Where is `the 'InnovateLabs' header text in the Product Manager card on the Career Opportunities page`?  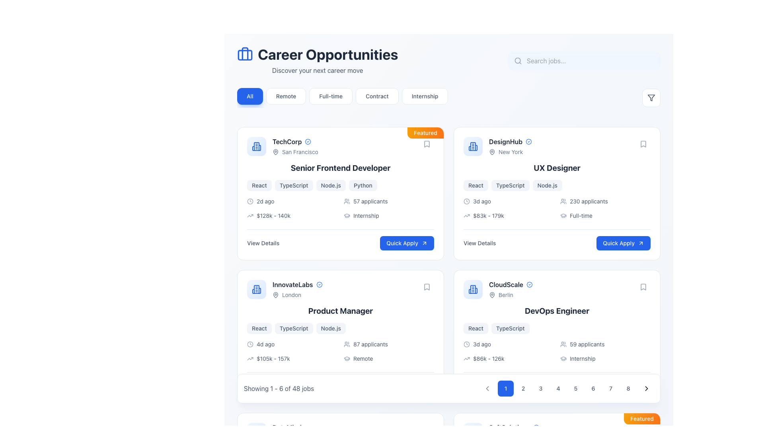
the 'InnovateLabs' header text in the Product Manager card on the Career Opportunities page is located at coordinates (285, 289).